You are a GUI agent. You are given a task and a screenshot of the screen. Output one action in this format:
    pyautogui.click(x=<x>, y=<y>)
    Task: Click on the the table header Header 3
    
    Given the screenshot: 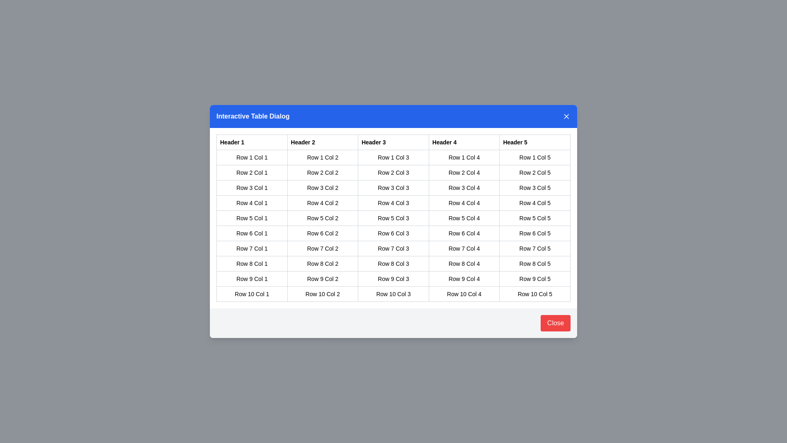 What is the action you would take?
    pyautogui.click(x=393, y=142)
    